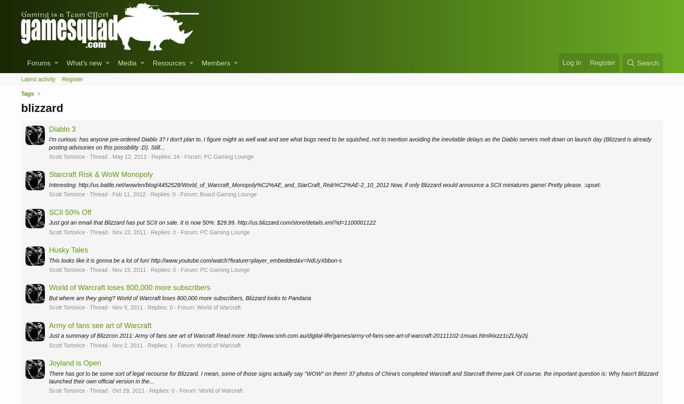  I want to click on 'I'm curious: has anyone pre-ordered Diablo 3?

I don't plan to.  I figure might as well wait and see what bugs need to be squished, not to mention avoiding the inevitable delays as the Diablo servers melt down on launch day (Blizzard is already posting advisories on this possibility :D).  Still...', so click(349, 143).